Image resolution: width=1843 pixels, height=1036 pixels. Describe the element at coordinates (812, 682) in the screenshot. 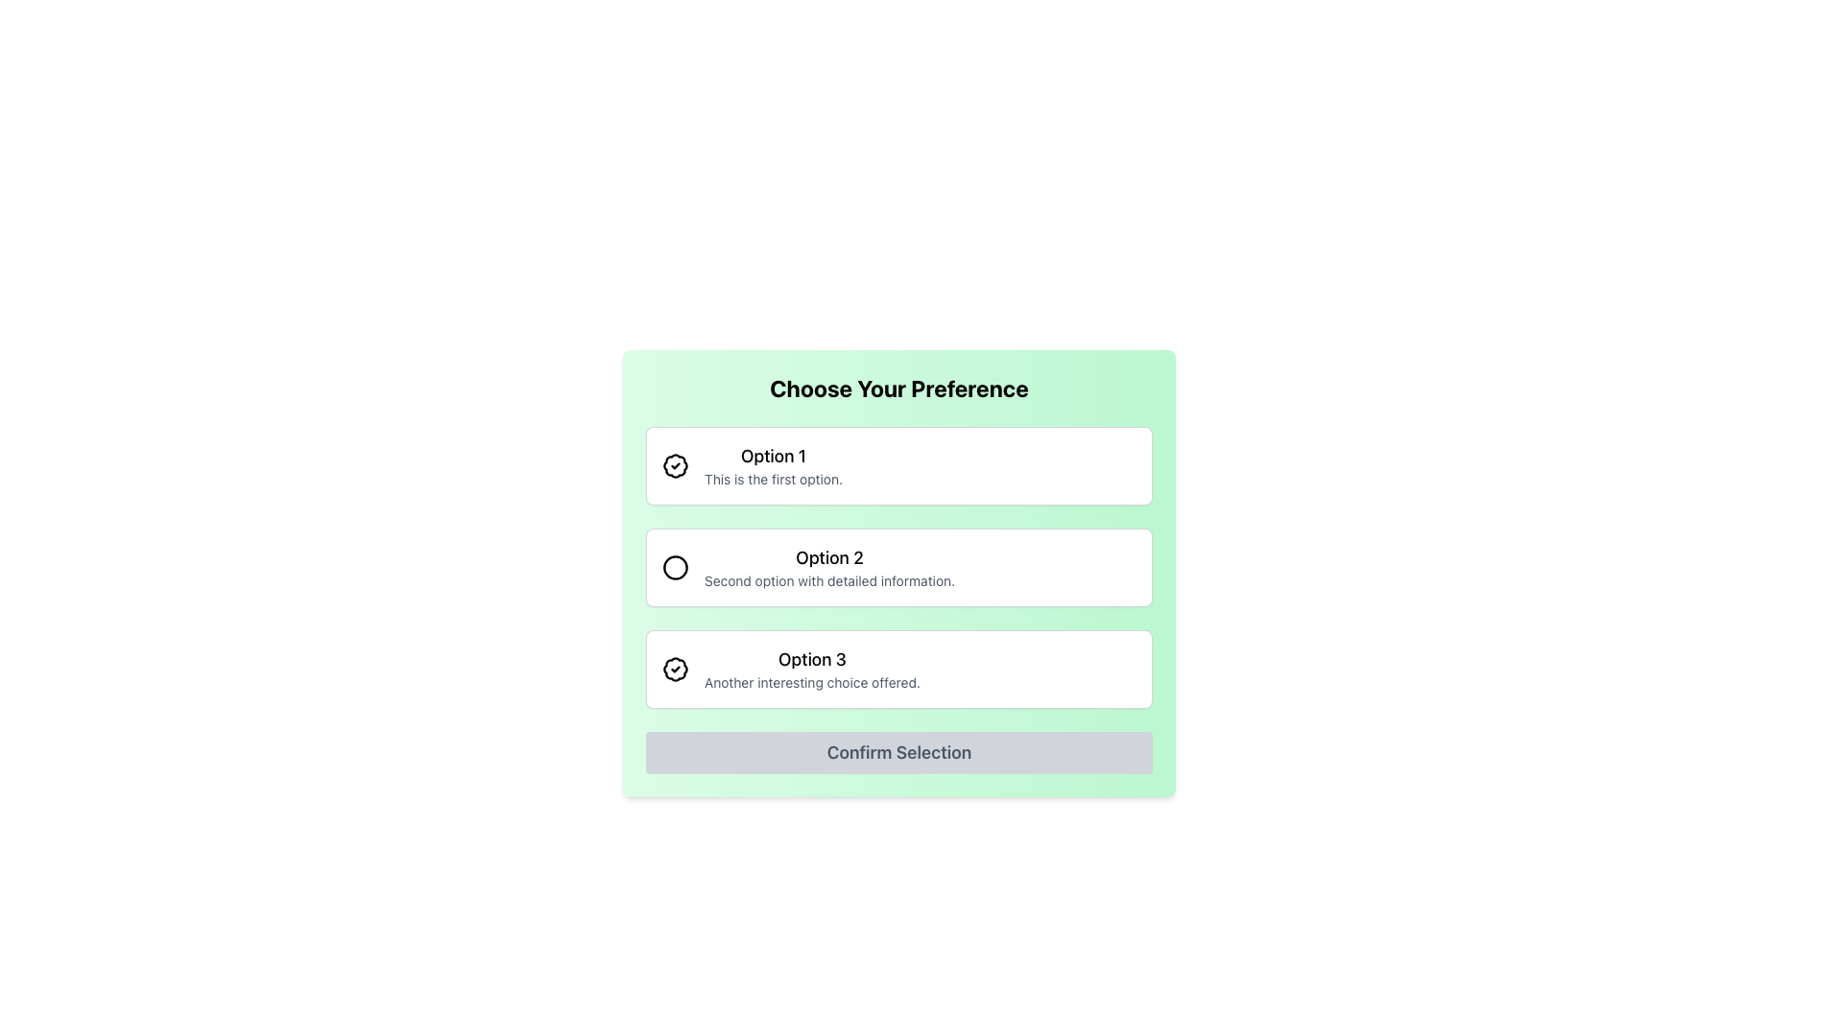

I see `the text label that provides additional descriptive information about 'Option 3', located below the text 'Option 3'` at that location.